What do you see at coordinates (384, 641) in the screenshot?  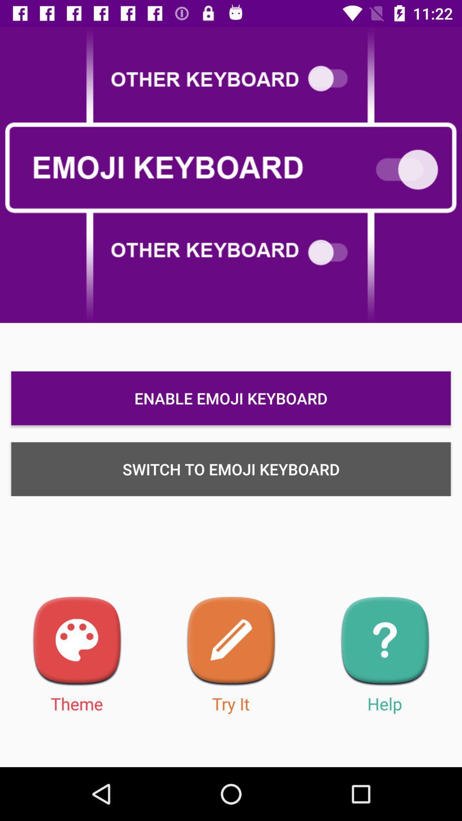 I see `open help` at bounding box center [384, 641].